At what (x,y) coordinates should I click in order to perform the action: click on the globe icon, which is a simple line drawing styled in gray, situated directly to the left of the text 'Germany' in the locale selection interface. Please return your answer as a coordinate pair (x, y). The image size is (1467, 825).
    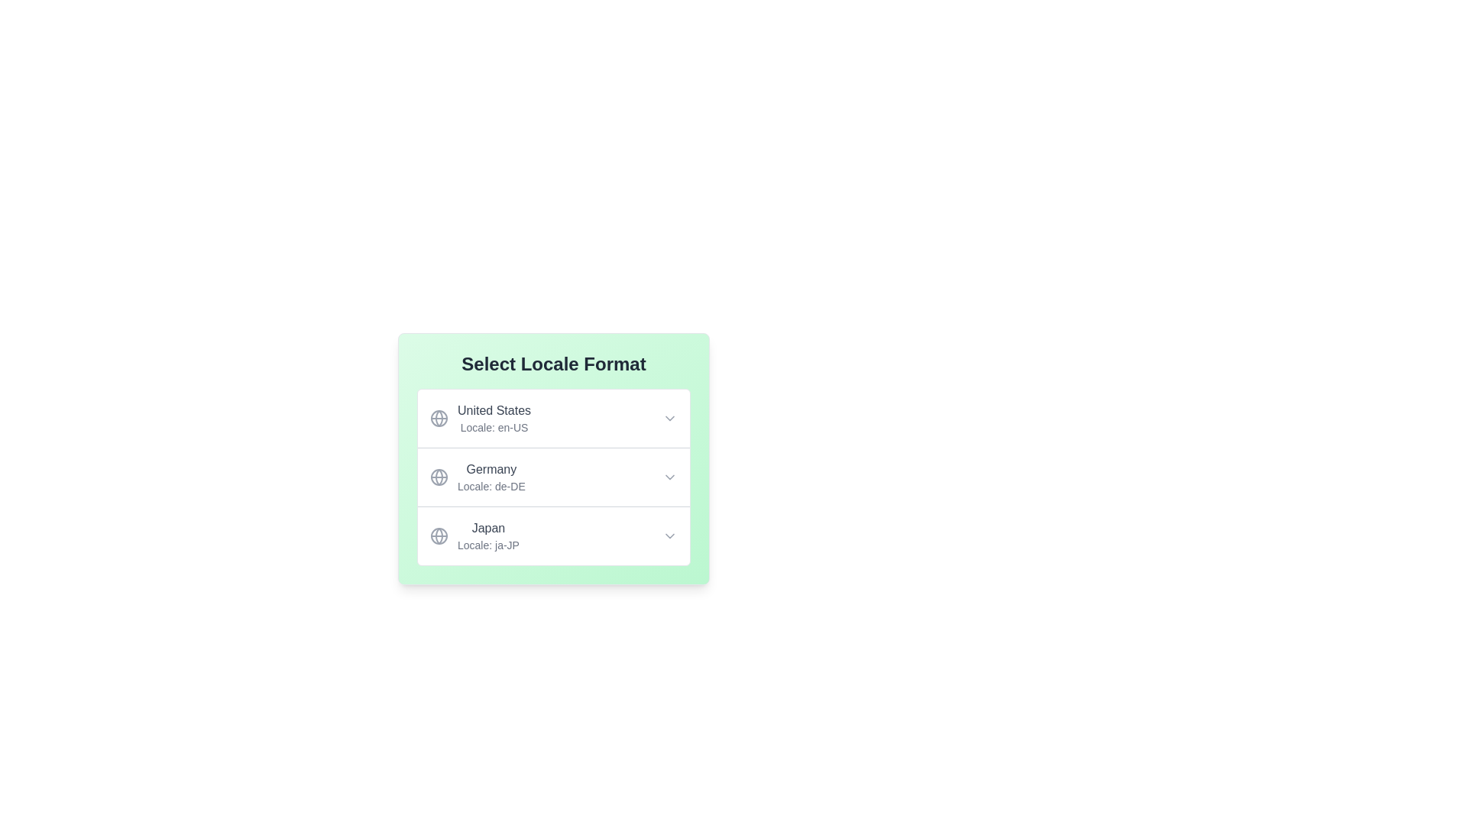
    Looking at the image, I should click on (439, 476).